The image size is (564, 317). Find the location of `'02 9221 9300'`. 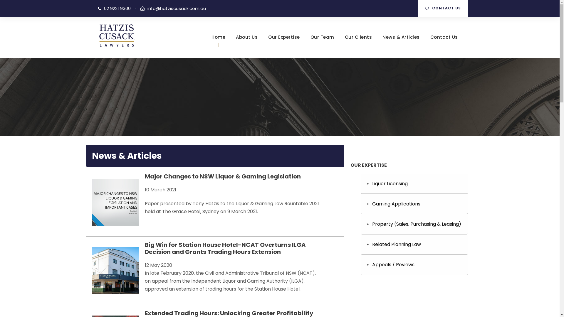

'02 9221 9300' is located at coordinates (117, 8).